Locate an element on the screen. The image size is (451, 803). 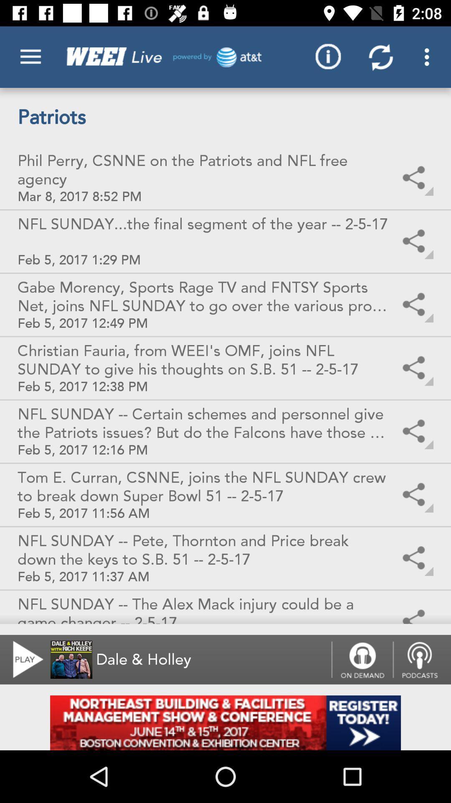
banner add is located at coordinates (225, 722).